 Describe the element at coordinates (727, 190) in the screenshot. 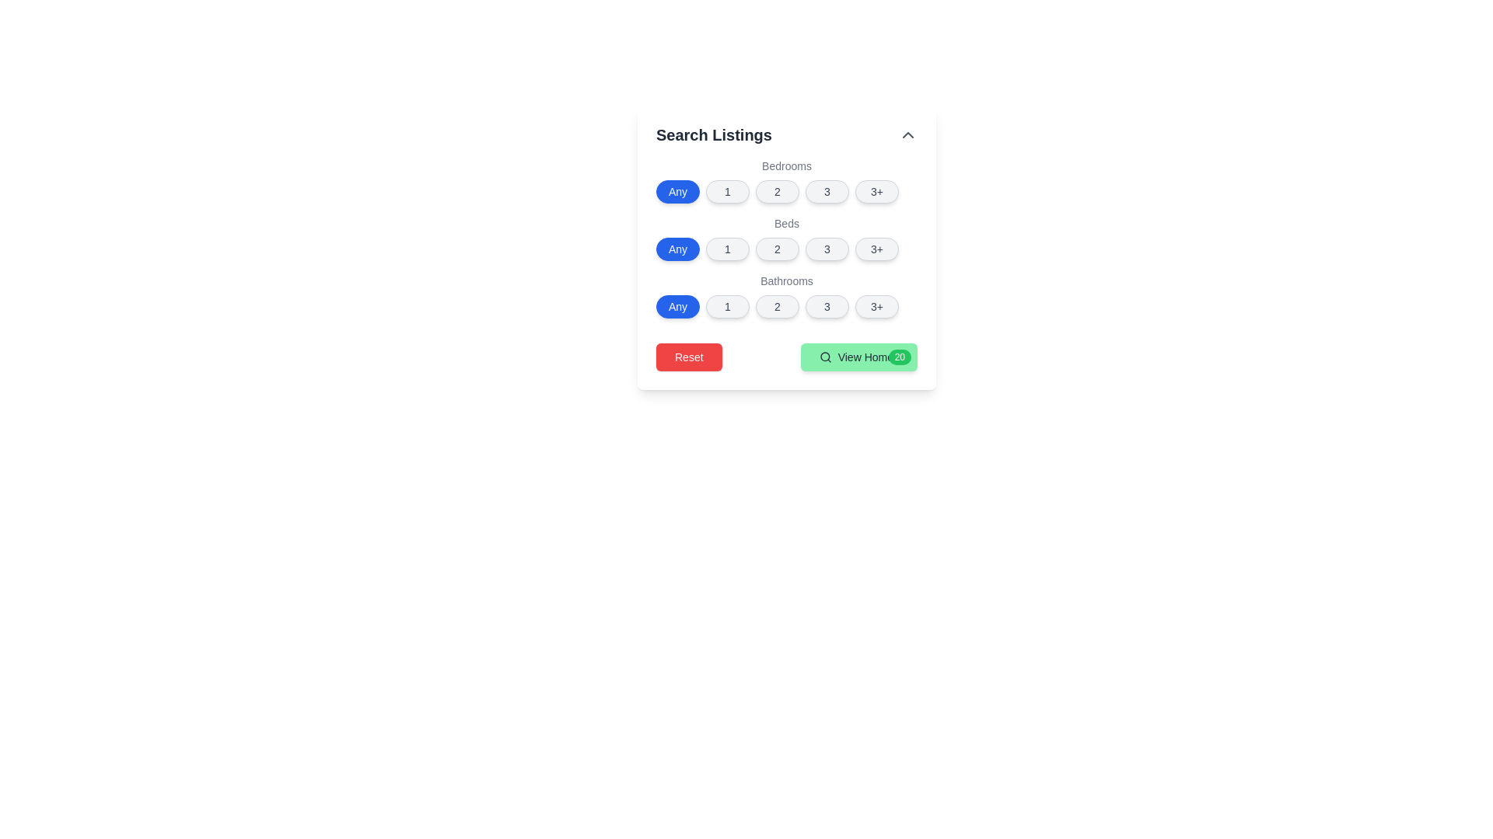

I see `the second button in the group of five under the 'Bedrooms' label` at that location.